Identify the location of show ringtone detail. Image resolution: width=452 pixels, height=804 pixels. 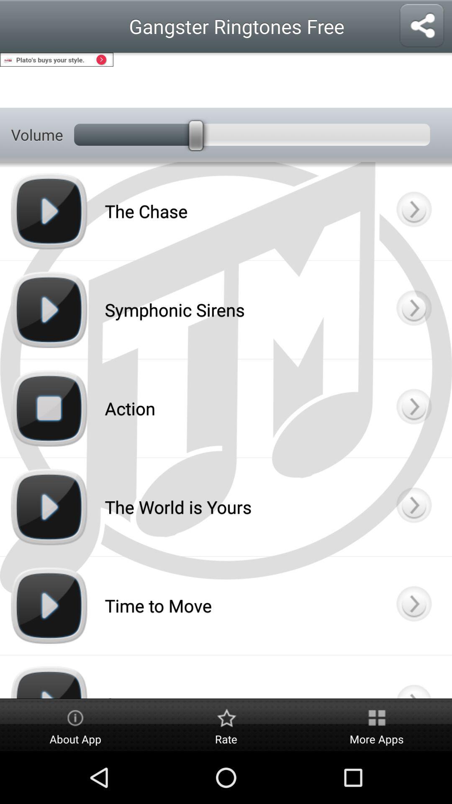
(413, 506).